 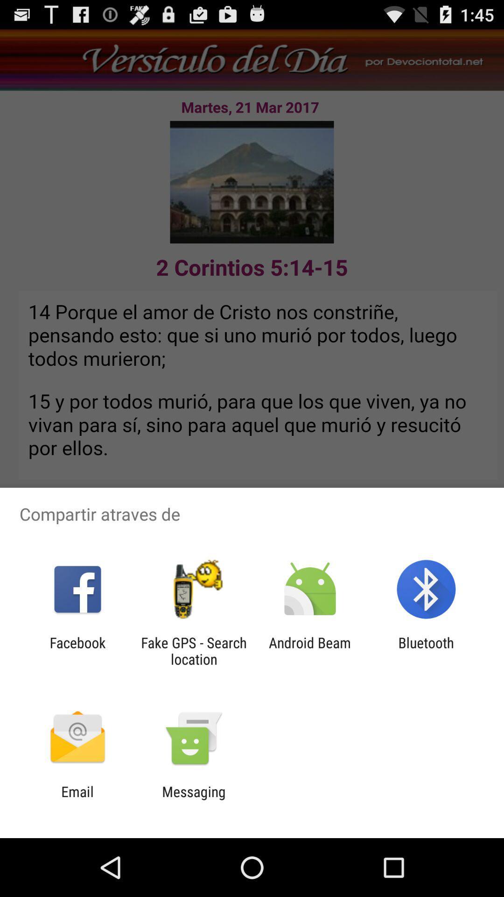 What do you see at coordinates (77, 799) in the screenshot?
I see `the app next to the messaging icon` at bounding box center [77, 799].